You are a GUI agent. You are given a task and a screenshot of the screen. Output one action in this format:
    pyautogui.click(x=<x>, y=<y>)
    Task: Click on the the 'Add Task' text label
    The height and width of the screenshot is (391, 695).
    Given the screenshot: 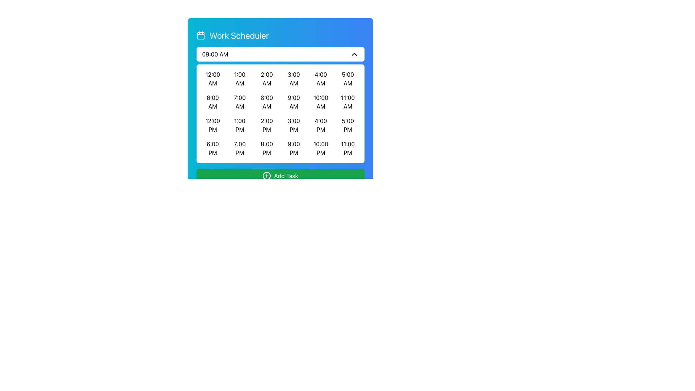 What is the action you would take?
    pyautogui.click(x=286, y=176)
    